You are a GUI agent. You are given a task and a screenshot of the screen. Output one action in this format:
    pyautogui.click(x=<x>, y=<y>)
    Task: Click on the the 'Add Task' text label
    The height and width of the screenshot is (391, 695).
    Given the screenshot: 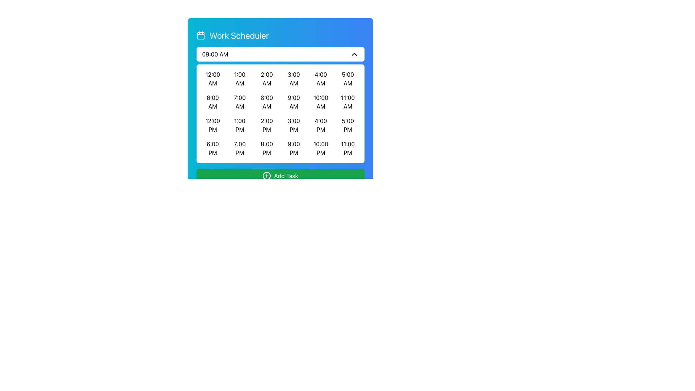 What is the action you would take?
    pyautogui.click(x=286, y=176)
    